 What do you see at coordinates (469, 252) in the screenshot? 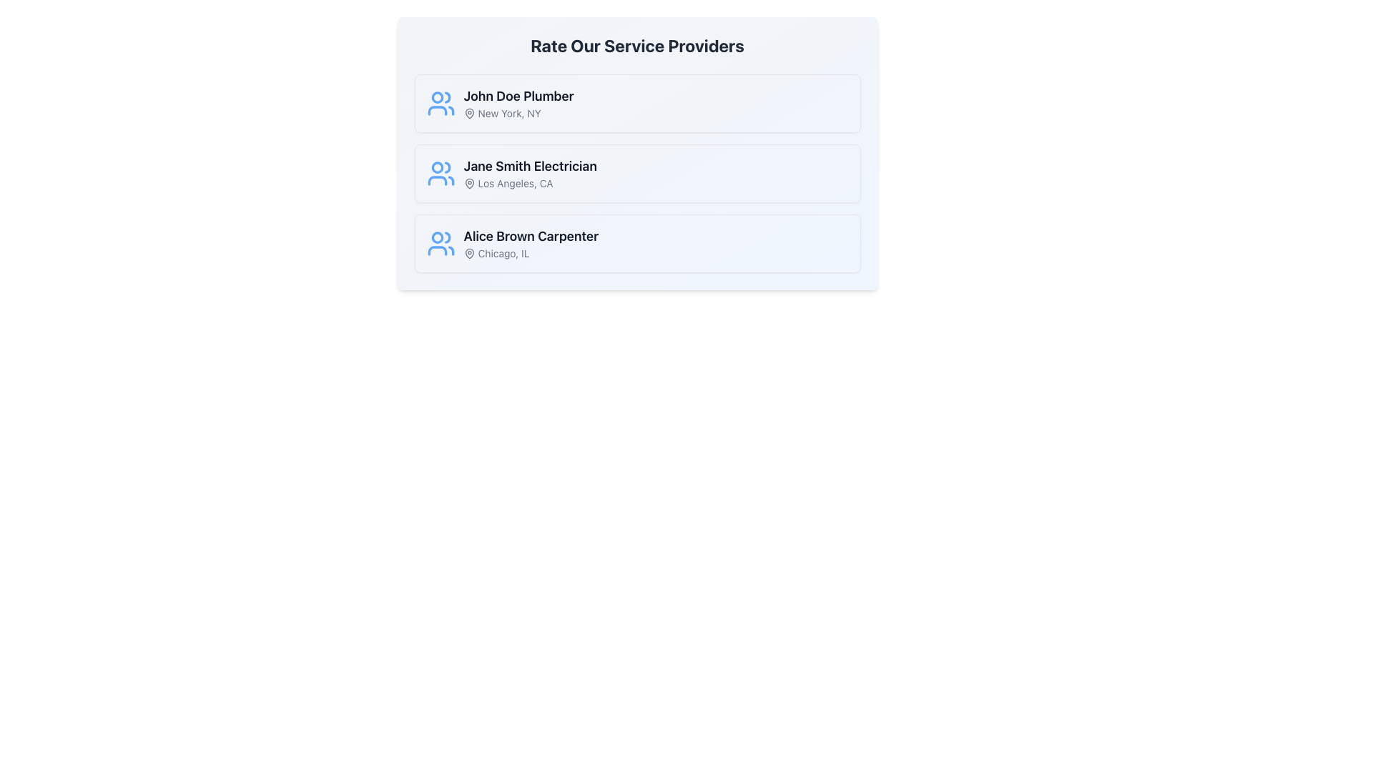
I see `the geometric pin-like icon located in the last card of the vertical list, adjacent to the text 'Chicago, IL', which signifies a location` at bounding box center [469, 252].